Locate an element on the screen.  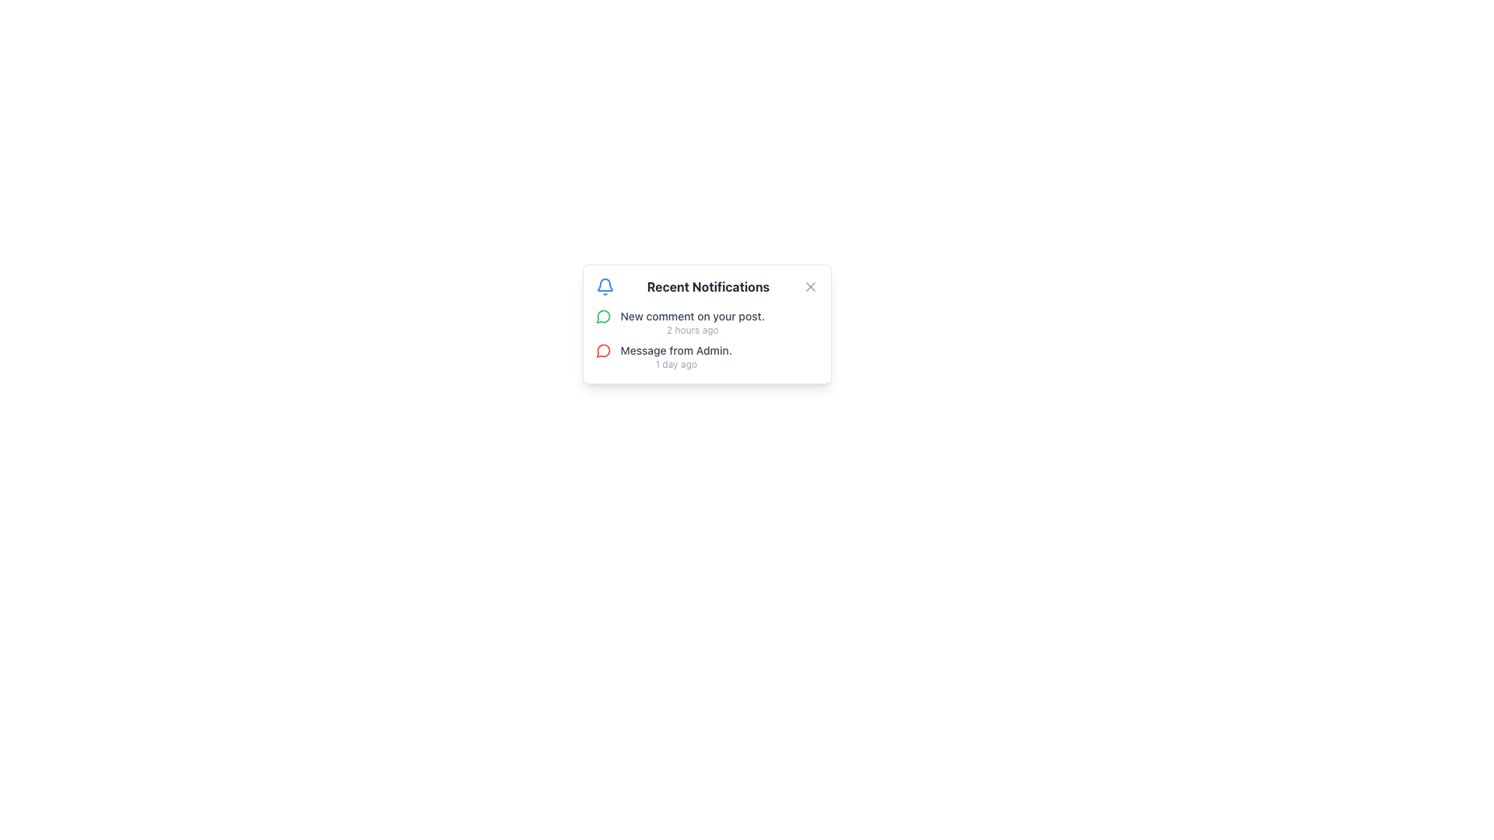
the first notification in the notification list that informs the user about a new comment on their post, located below the 'Recent Notifications' header is located at coordinates (692, 322).